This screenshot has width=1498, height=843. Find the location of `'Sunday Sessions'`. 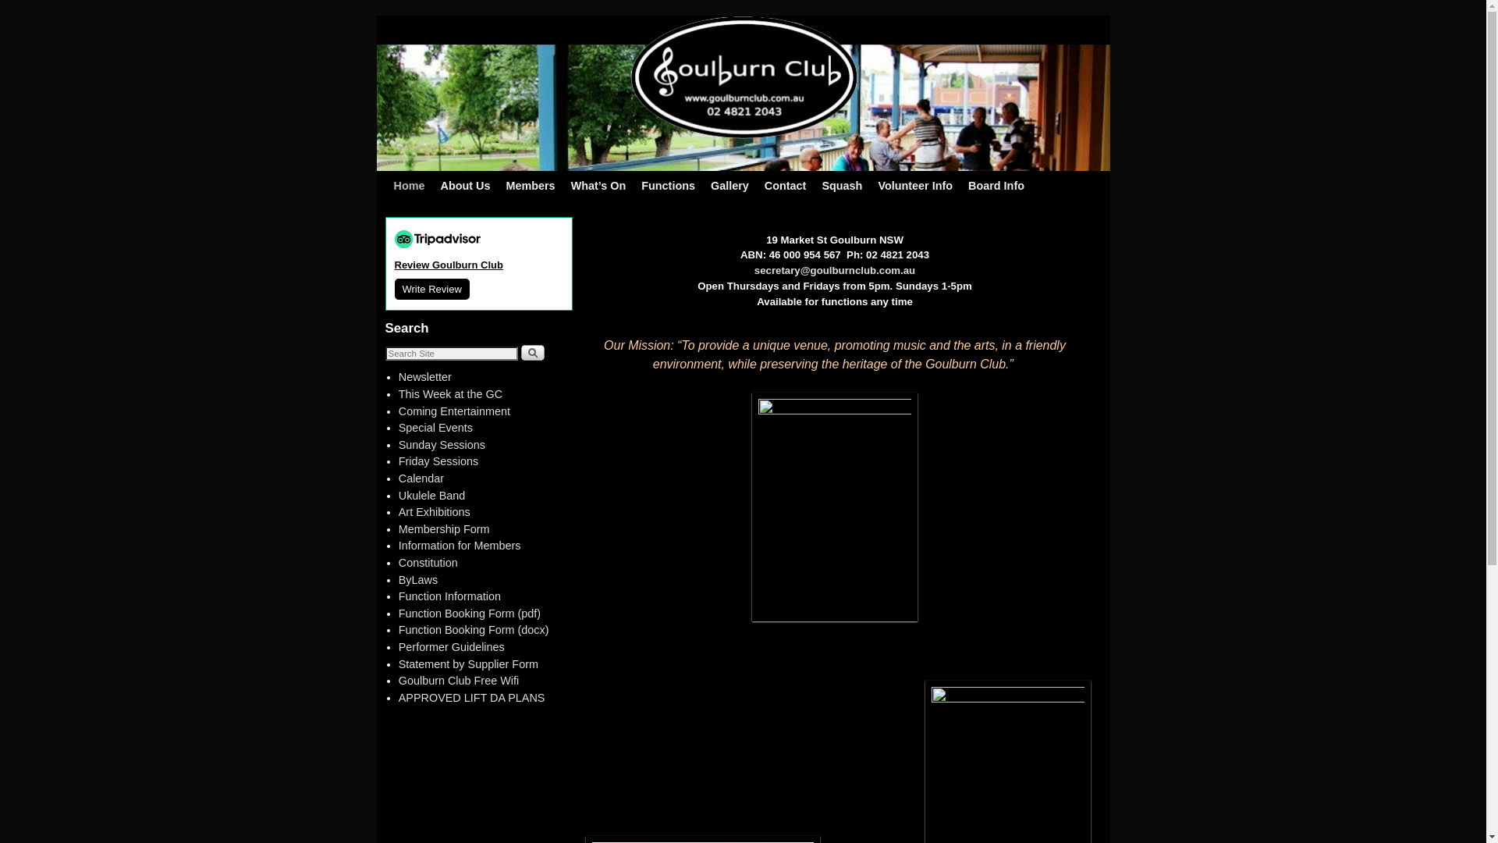

'Sunday Sessions' is located at coordinates (441, 445).